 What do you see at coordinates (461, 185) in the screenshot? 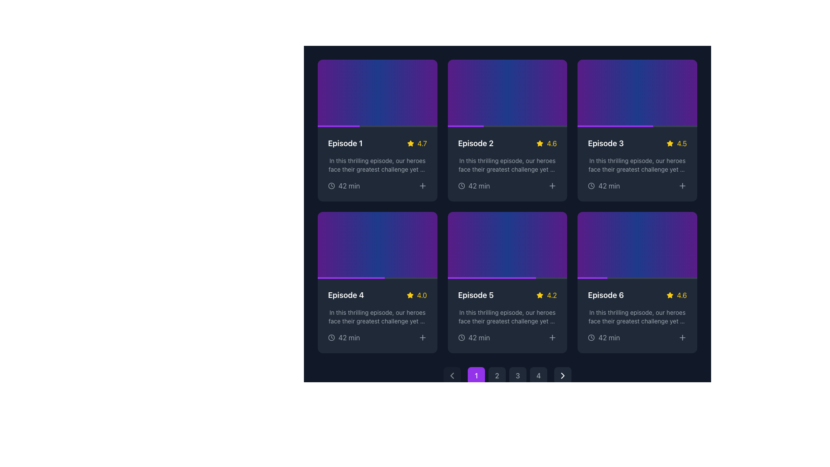
I see `the icon representing the duration time of 'Episode 2', located at the bottom portion of the episode card alongside the duration label` at bounding box center [461, 185].